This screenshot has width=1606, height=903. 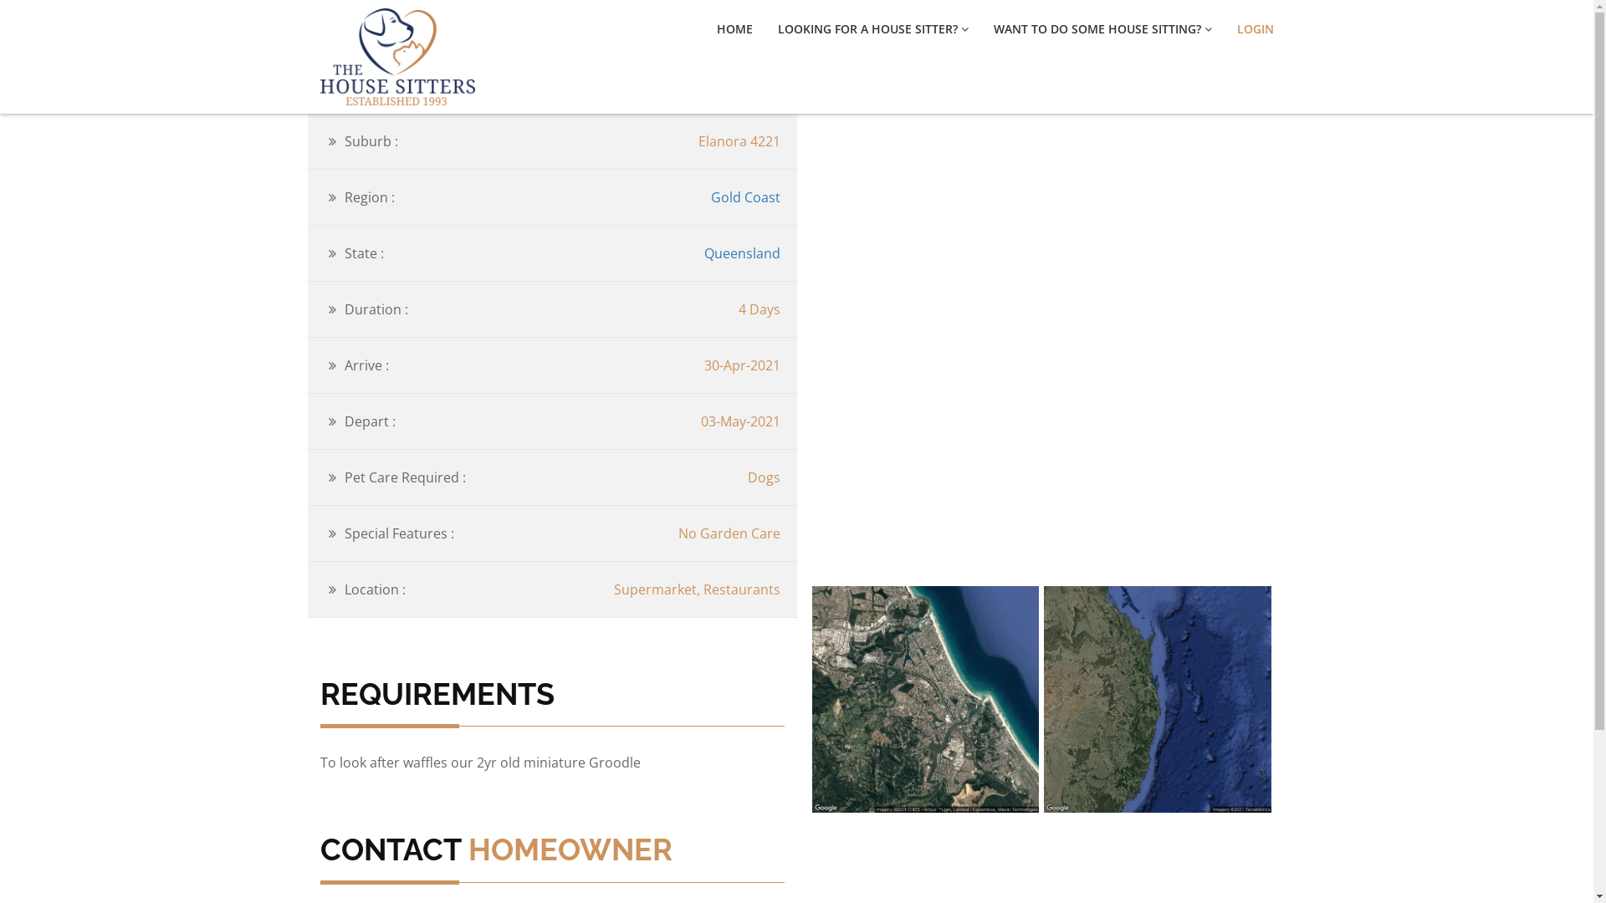 What do you see at coordinates (994, 28) in the screenshot?
I see `'WANT TO DO SOME HOUSE SITTING?'` at bounding box center [994, 28].